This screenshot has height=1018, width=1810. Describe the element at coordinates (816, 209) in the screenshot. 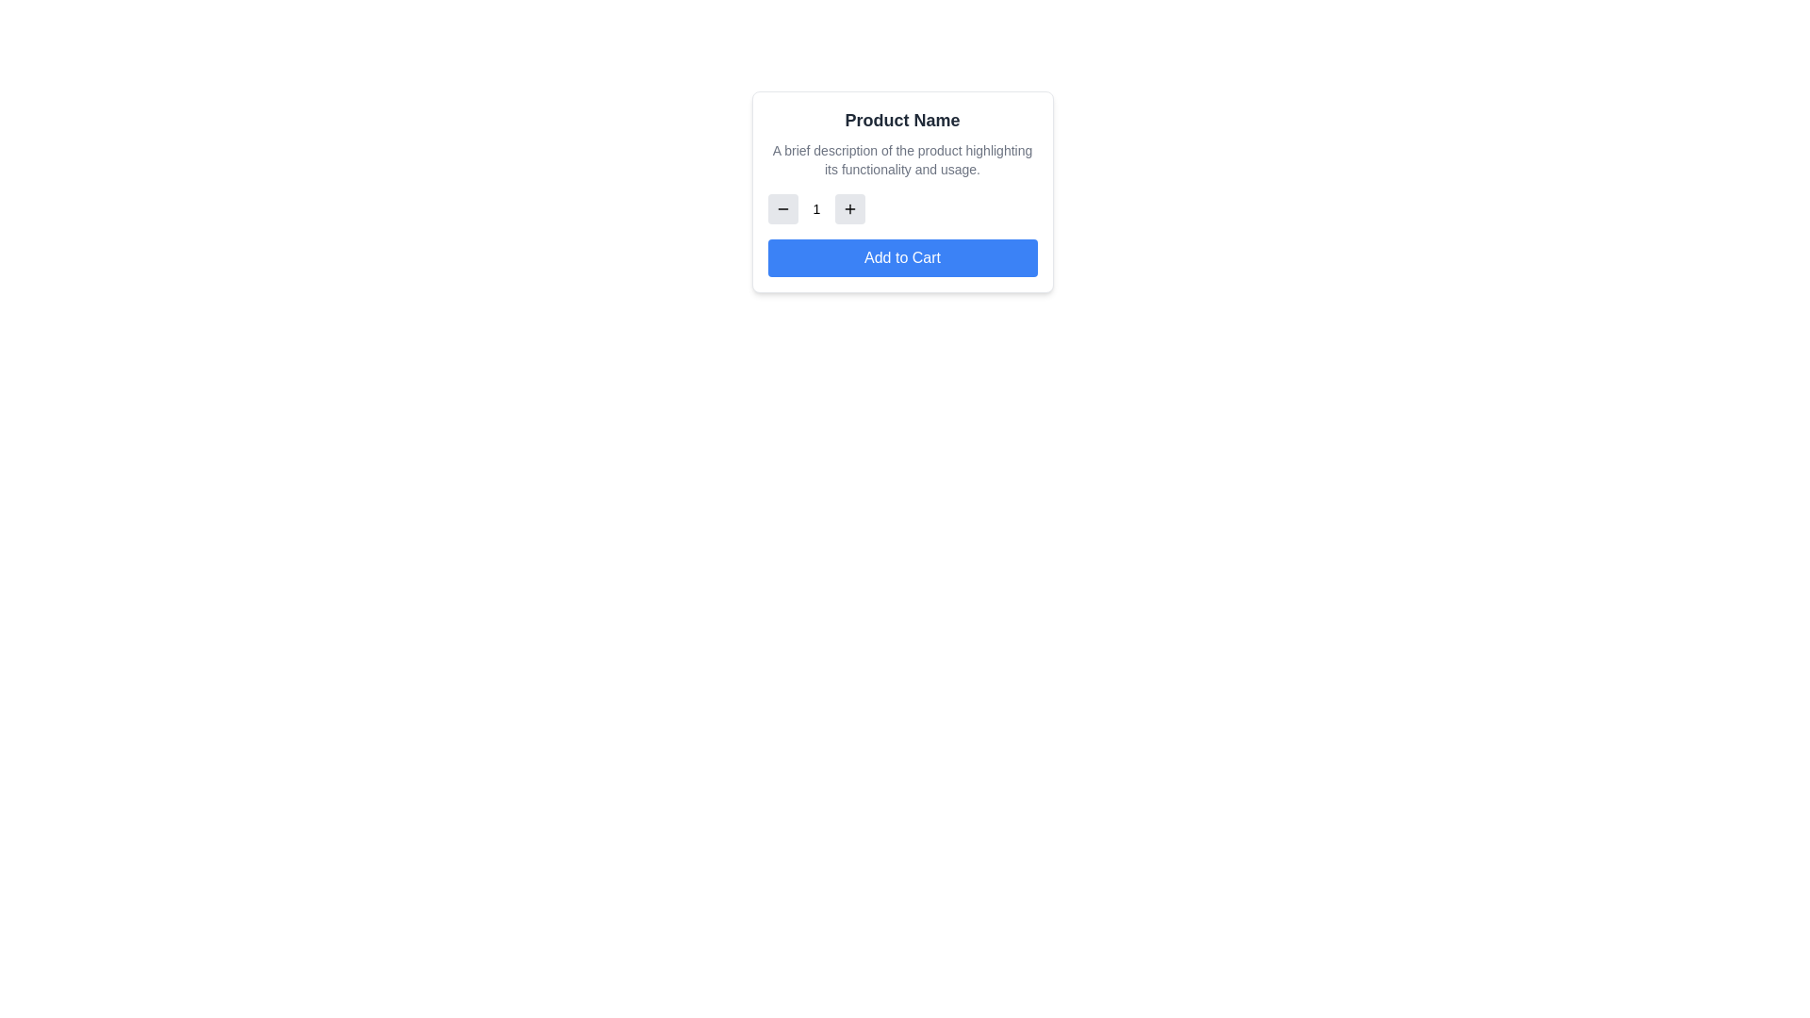

I see `the static text that displays the current quantity value for a product, positioned between the minus and plus sign buttons` at that location.